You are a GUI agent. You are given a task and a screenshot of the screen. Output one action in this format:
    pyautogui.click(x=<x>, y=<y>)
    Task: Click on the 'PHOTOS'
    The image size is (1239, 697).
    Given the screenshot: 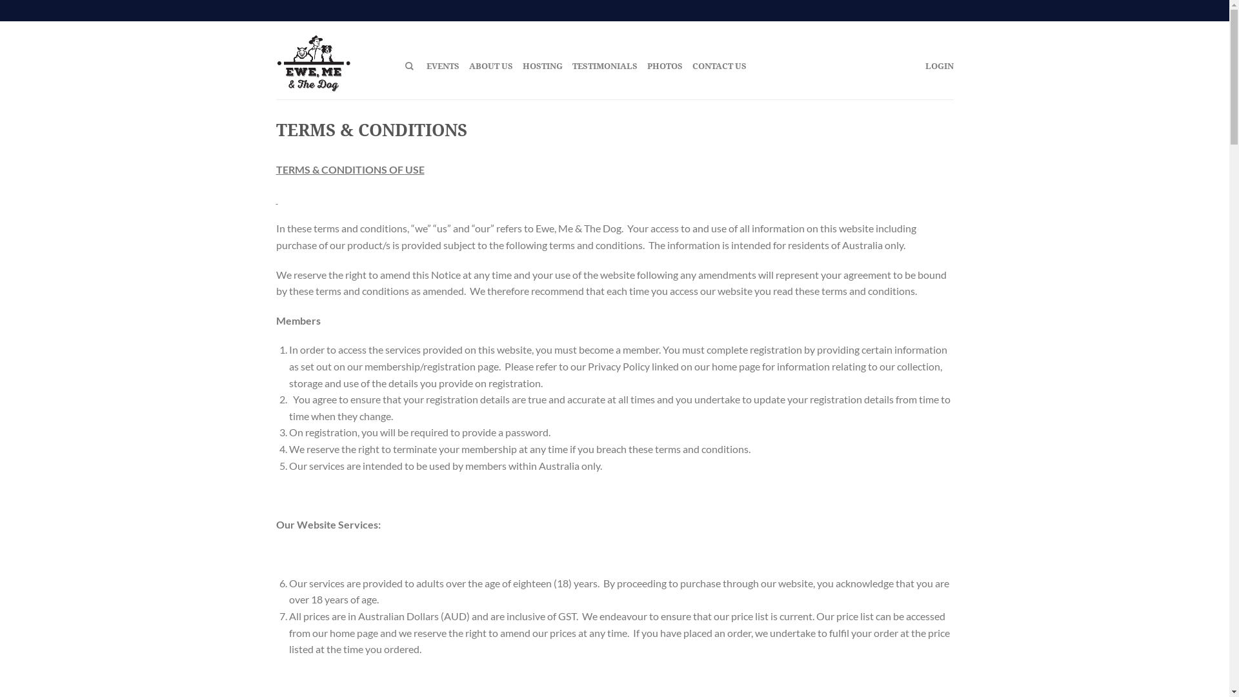 What is the action you would take?
    pyautogui.click(x=647, y=65)
    